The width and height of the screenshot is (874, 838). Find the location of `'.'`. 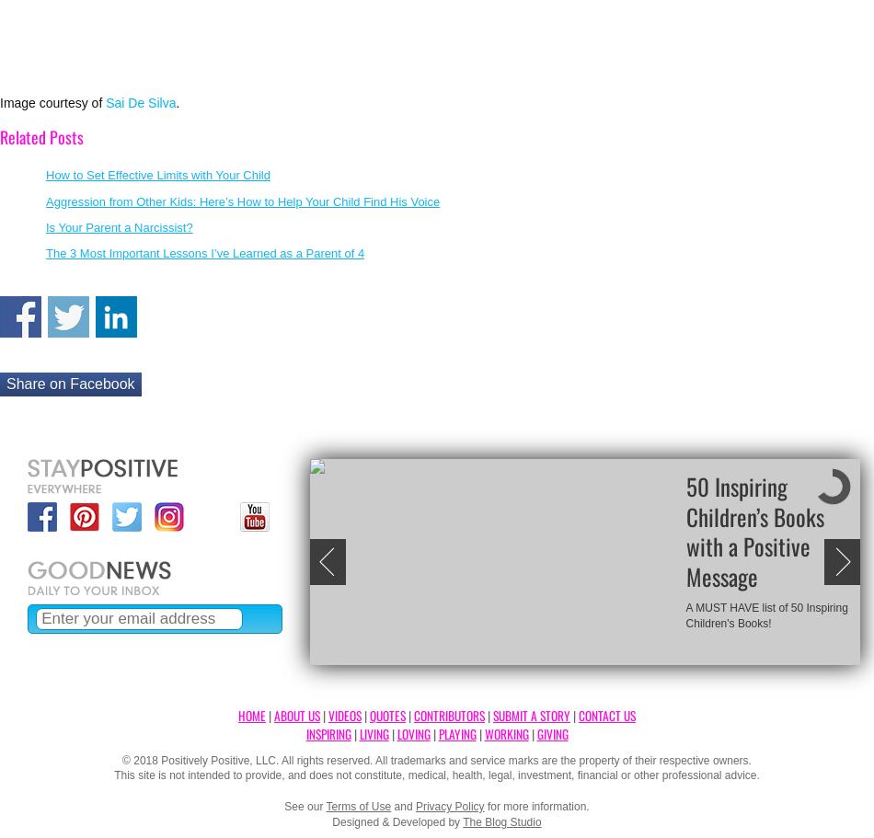

'.' is located at coordinates (178, 100).